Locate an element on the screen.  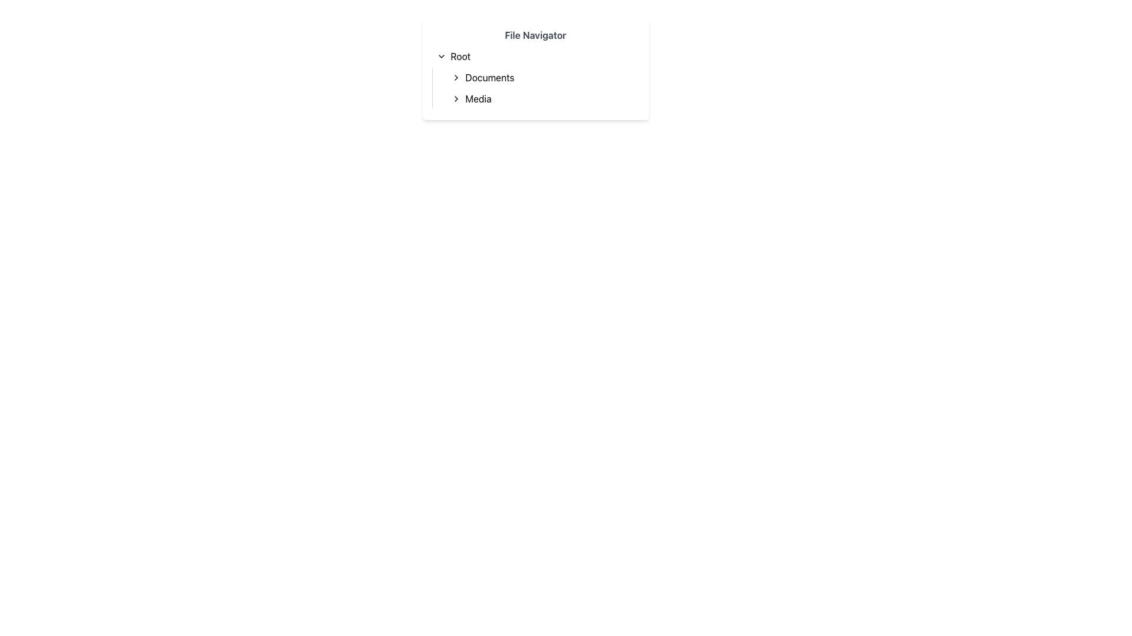
the 'Media' list item located in the file navigation sidebar is located at coordinates (542, 98).